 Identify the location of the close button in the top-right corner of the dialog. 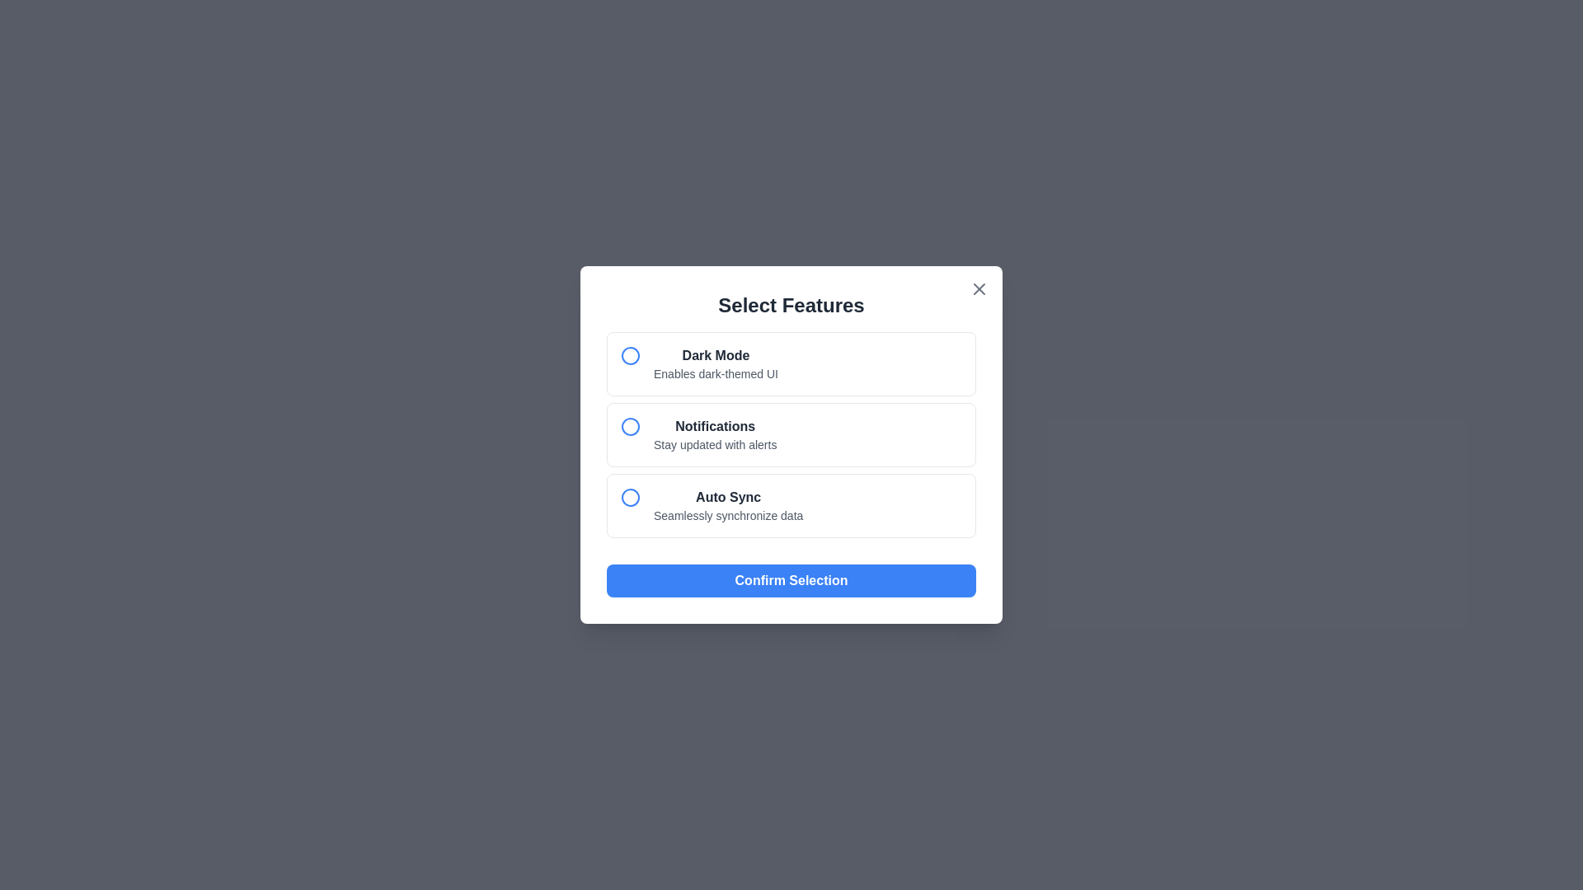
(979, 288).